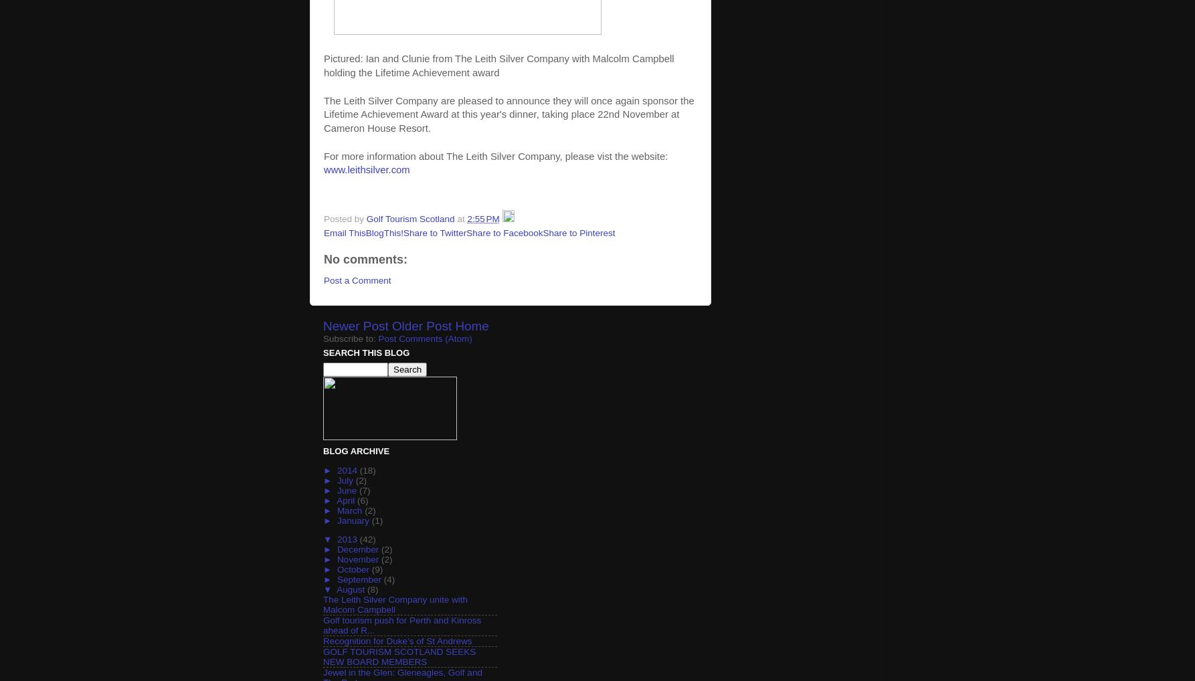  What do you see at coordinates (353, 569) in the screenshot?
I see `'October'` at bounding box center [353, 569].